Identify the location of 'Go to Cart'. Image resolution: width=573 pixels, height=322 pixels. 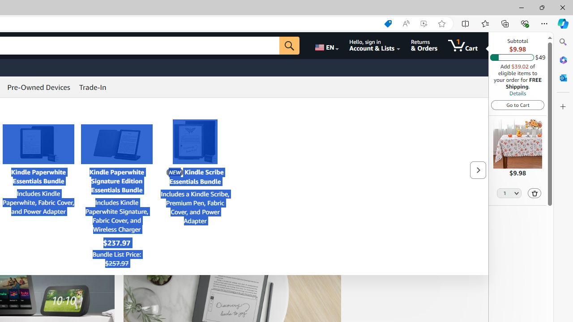
(517, 104).